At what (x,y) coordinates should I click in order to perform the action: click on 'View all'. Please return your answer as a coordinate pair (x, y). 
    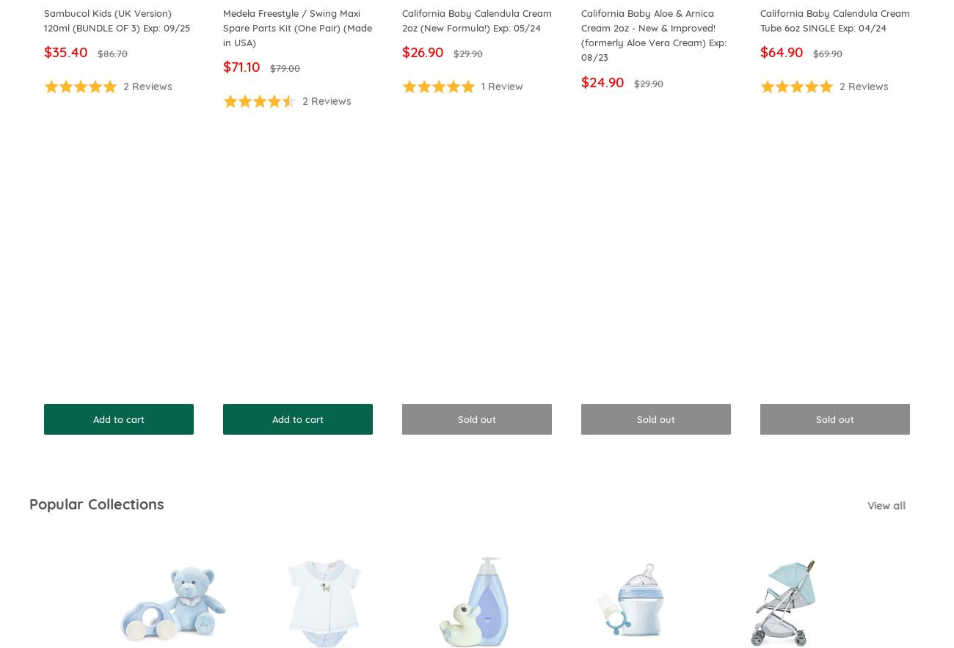
    Looking at the image, I should click on (906, 504).